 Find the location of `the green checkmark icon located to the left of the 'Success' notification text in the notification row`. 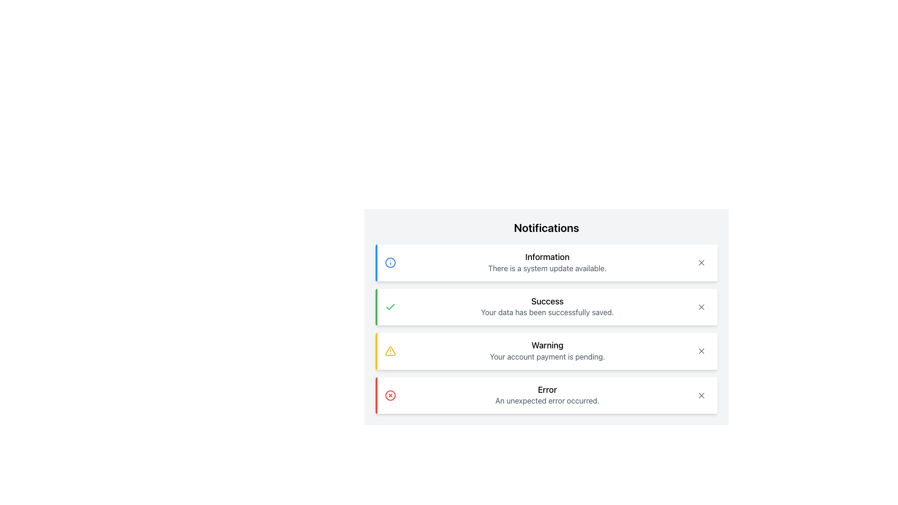

the green checkmark icon located to the left of the 'Success' notification text in the notification row is located at coordinates (391, 306).